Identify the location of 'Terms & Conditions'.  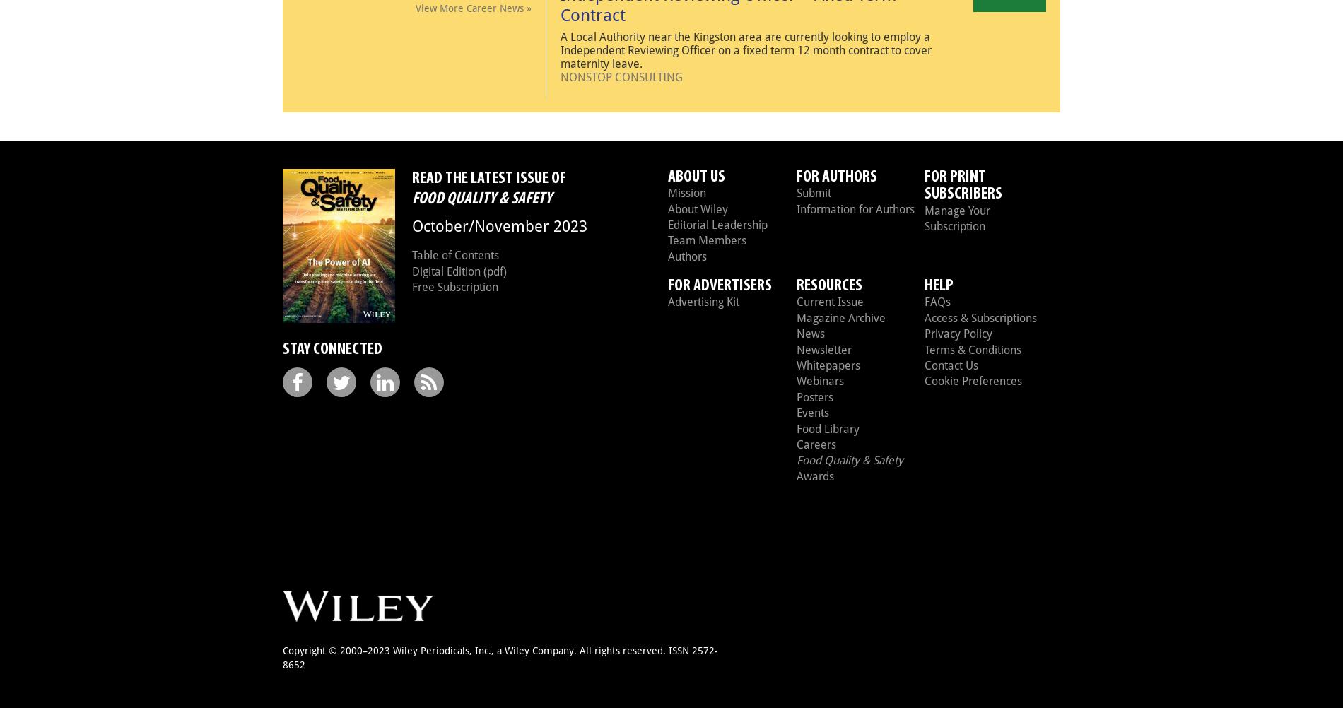
(972, 348).